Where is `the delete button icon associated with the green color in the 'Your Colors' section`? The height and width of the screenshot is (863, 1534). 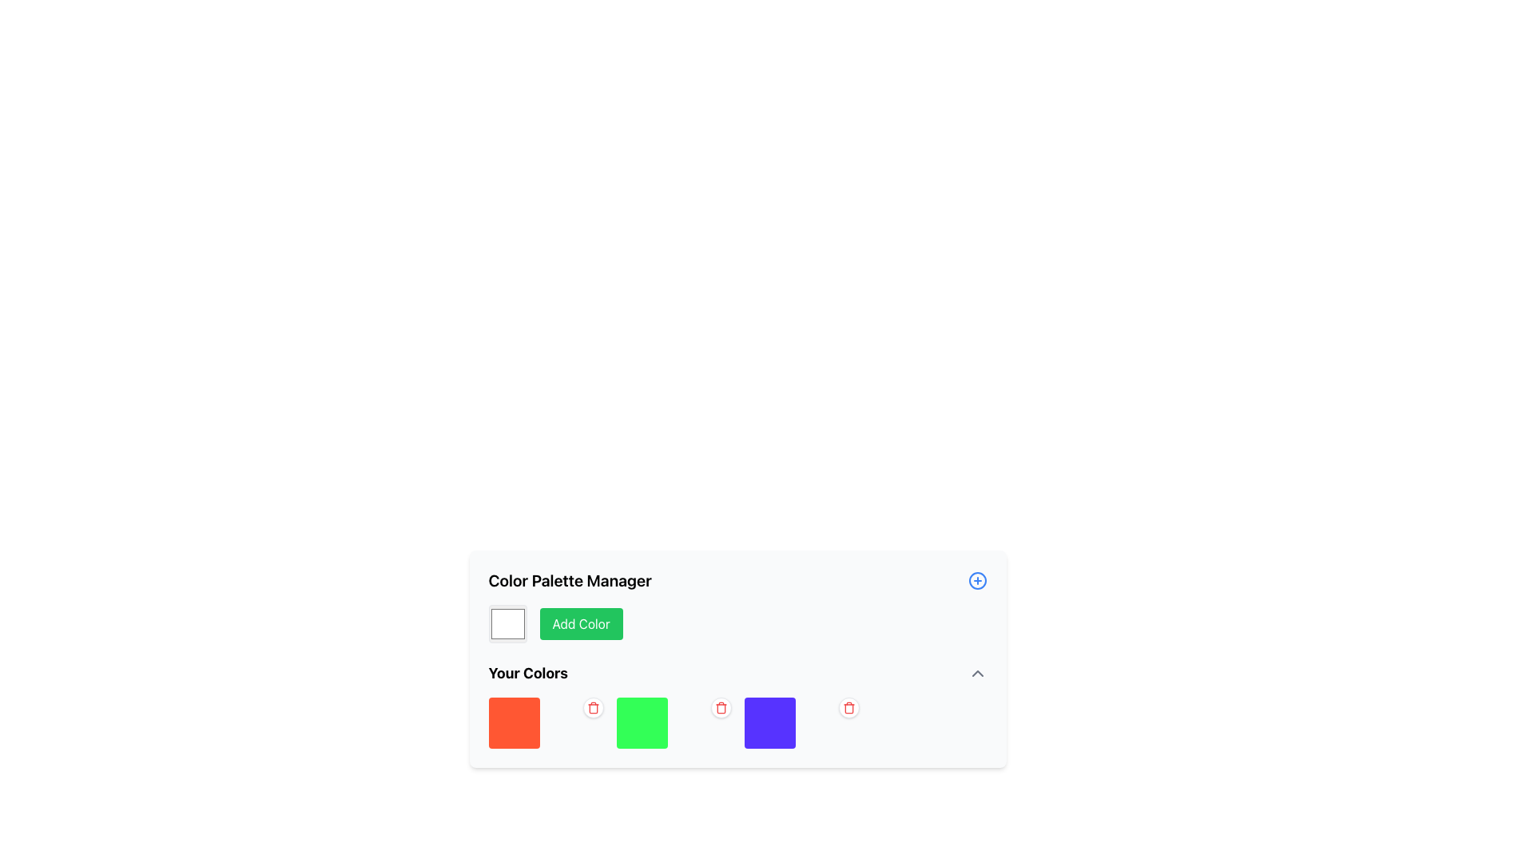
the delete button icon associated with the green color in the 'Your Colors' section is located at coordinates (592, 707).